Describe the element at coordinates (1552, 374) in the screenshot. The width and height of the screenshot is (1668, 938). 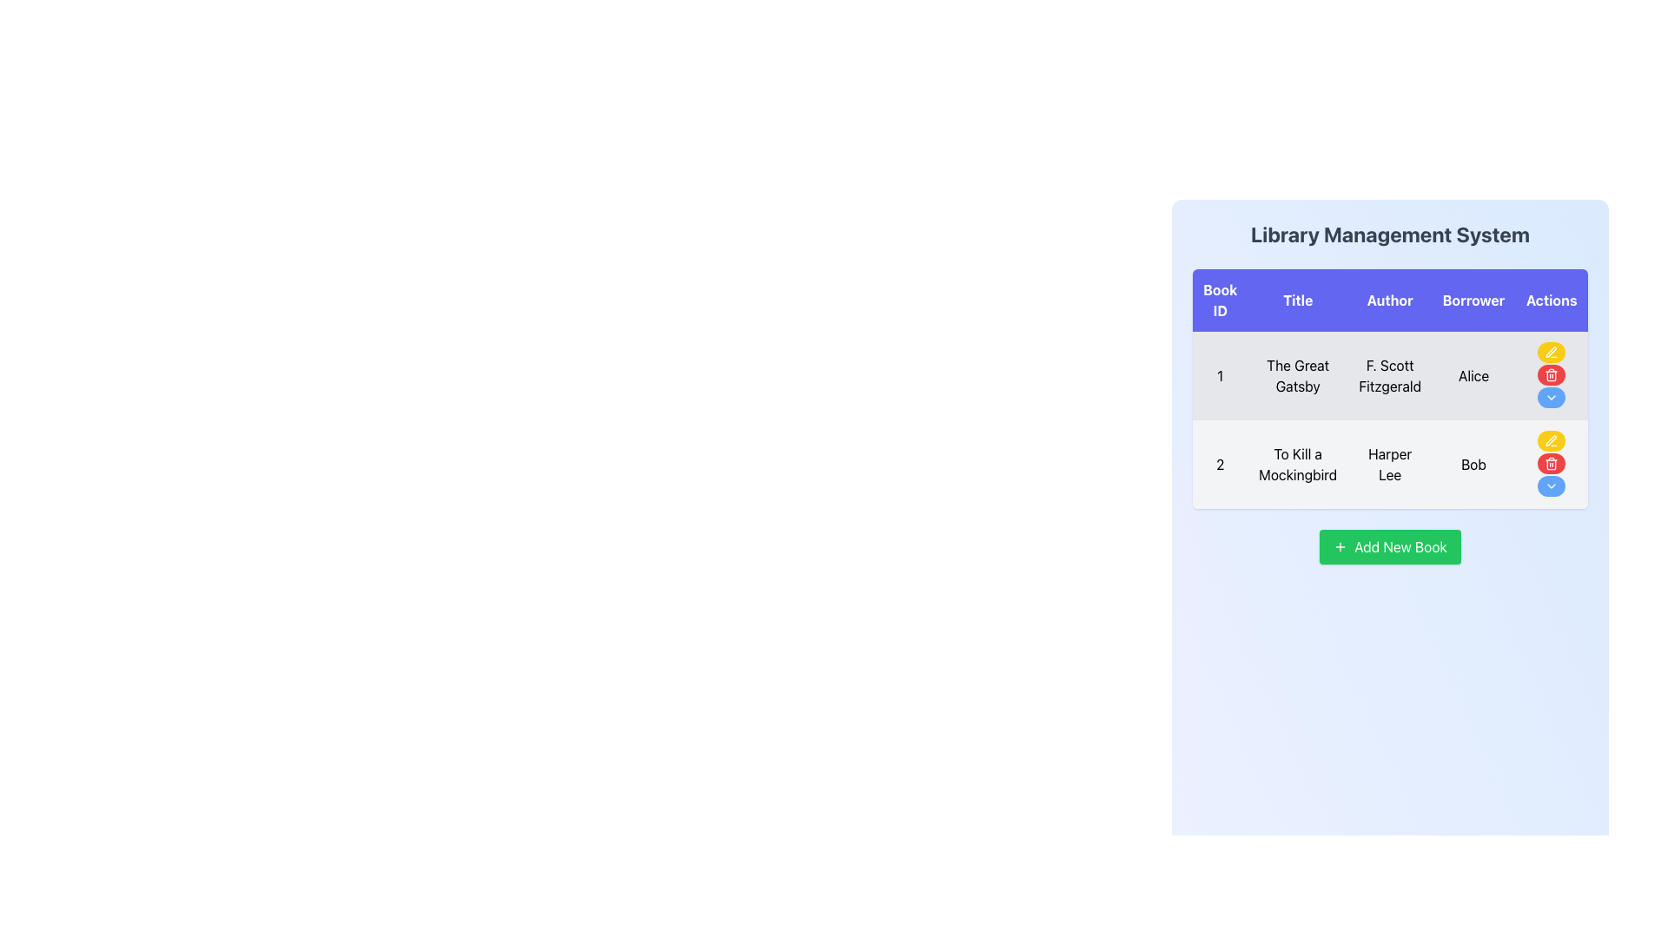
I see `the action buttons group in the 'Actions' column of the first row of the library management system table` at that location.